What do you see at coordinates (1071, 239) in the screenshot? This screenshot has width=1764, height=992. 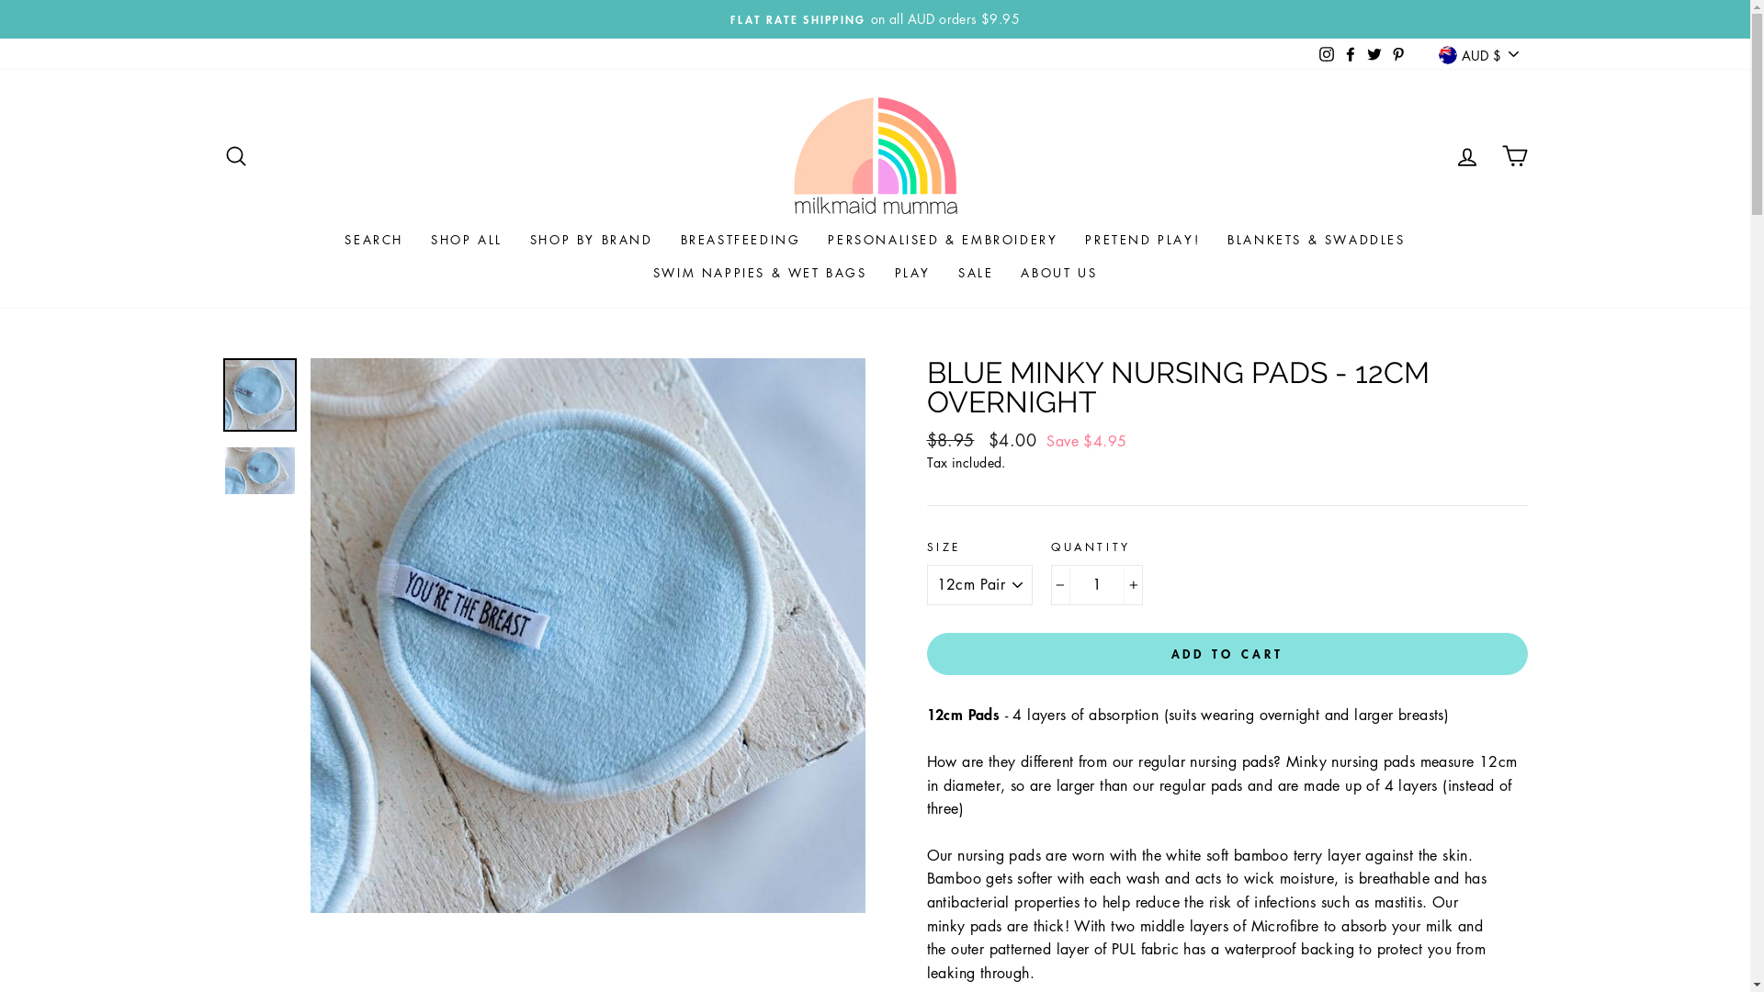 I see `'PRETEND PLAY!'` at bounding box center [1071, 239].